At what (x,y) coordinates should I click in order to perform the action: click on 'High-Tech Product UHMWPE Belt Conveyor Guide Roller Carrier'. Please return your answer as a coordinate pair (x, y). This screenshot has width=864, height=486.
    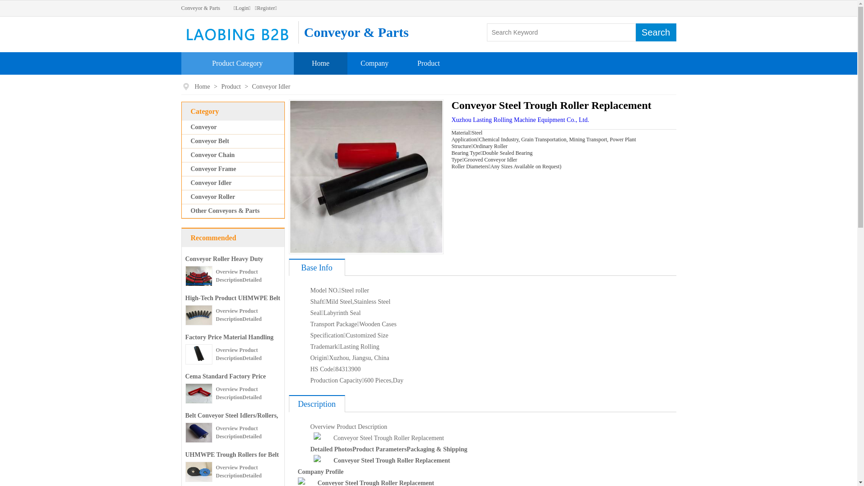
    Looking at the image, I should click on (185, 304).